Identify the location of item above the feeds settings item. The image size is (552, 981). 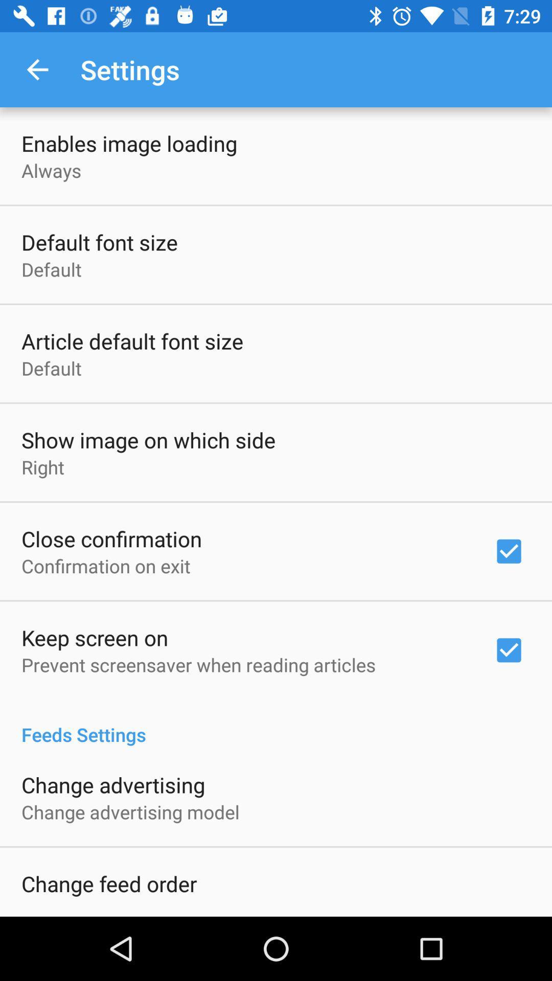
(198, 665).